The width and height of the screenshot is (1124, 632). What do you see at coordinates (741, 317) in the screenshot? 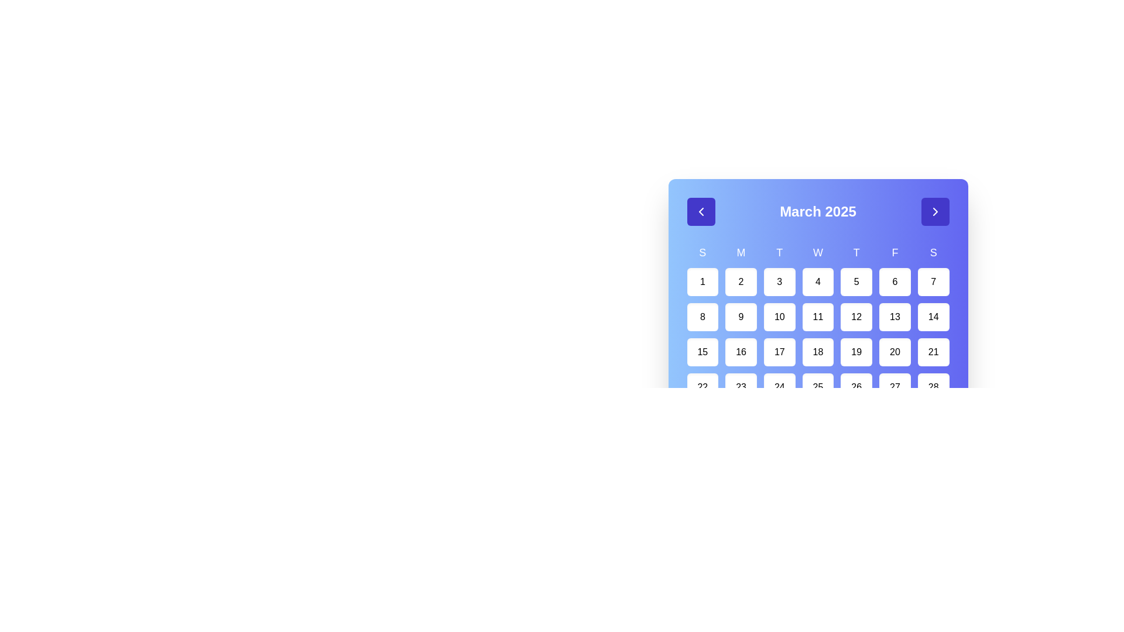
I see `the Button styled date box representing calendar day 9 located in the second row and second column under the header day titled 'W'` at bounding box center [741, 317].